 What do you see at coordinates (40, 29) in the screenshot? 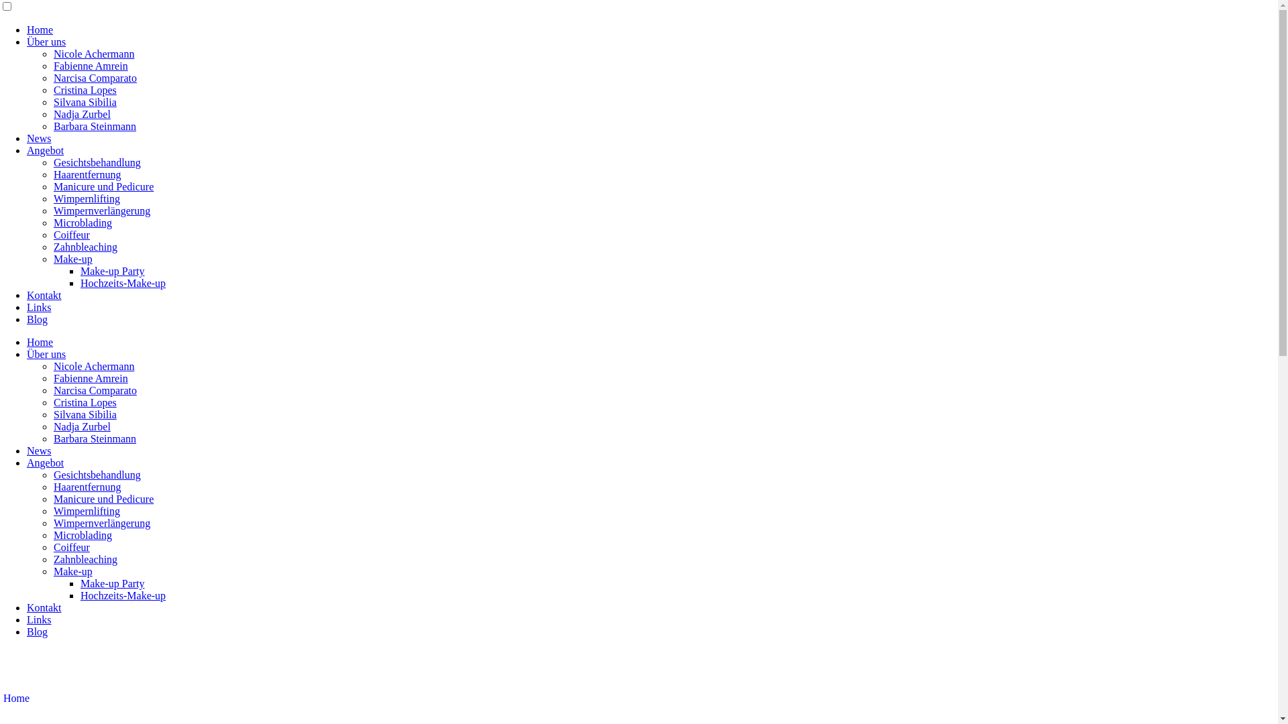
I see `'Home'` at bounding box center [40, 29].